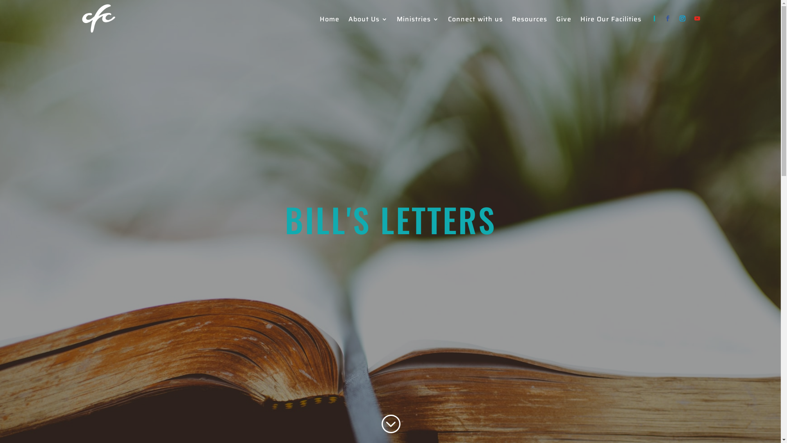  Describe the element at coordinates (696, 18) in the screenshot. I see `'Follow on Youtube'` at that location.